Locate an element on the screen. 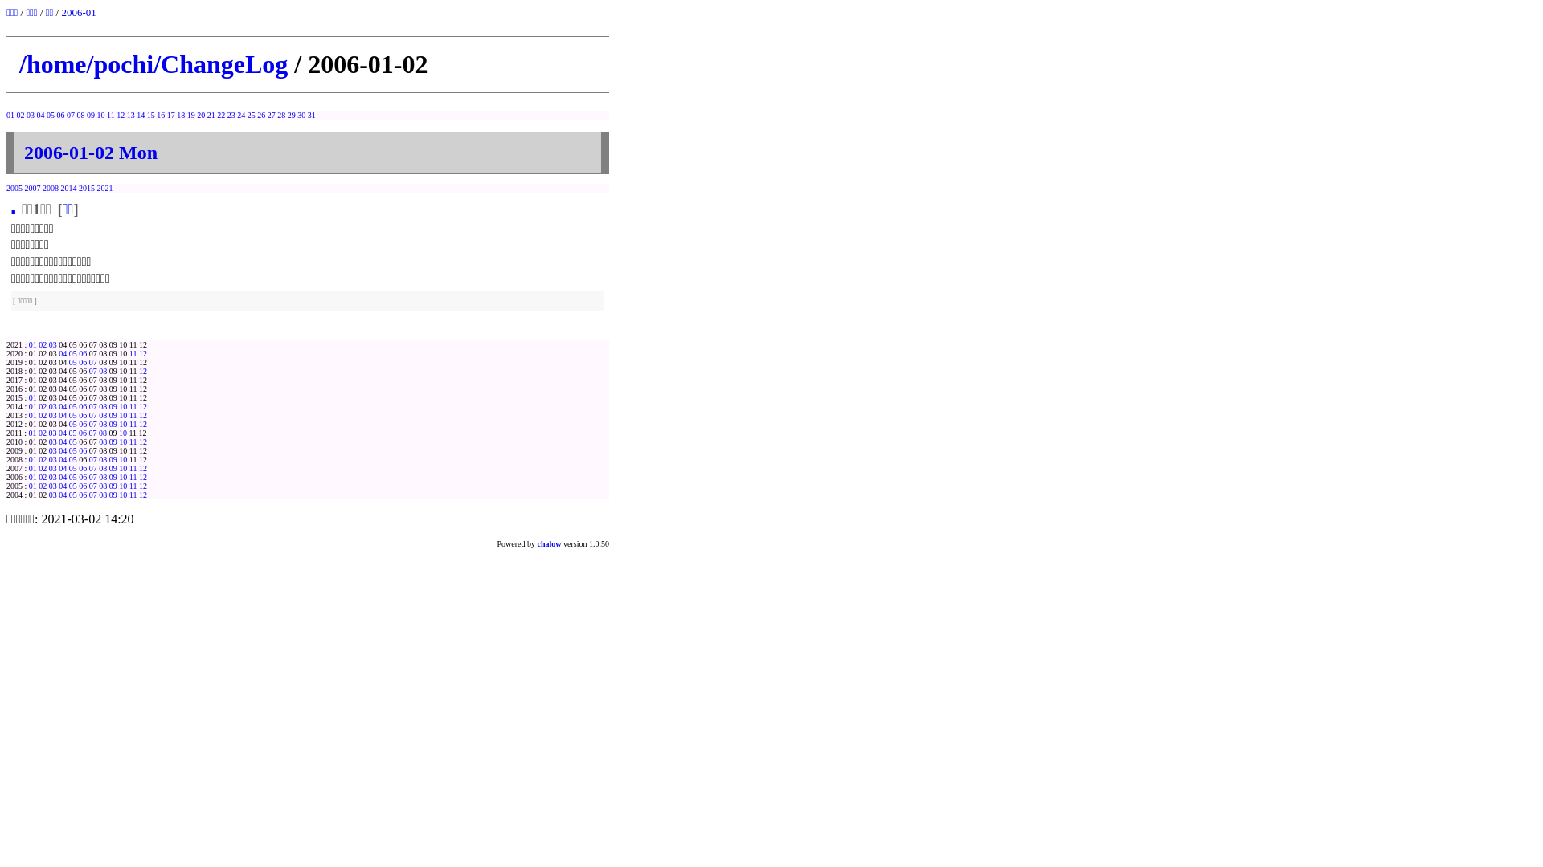 The image size is (1543, 867). '10' is located at coordinates (118, 476).